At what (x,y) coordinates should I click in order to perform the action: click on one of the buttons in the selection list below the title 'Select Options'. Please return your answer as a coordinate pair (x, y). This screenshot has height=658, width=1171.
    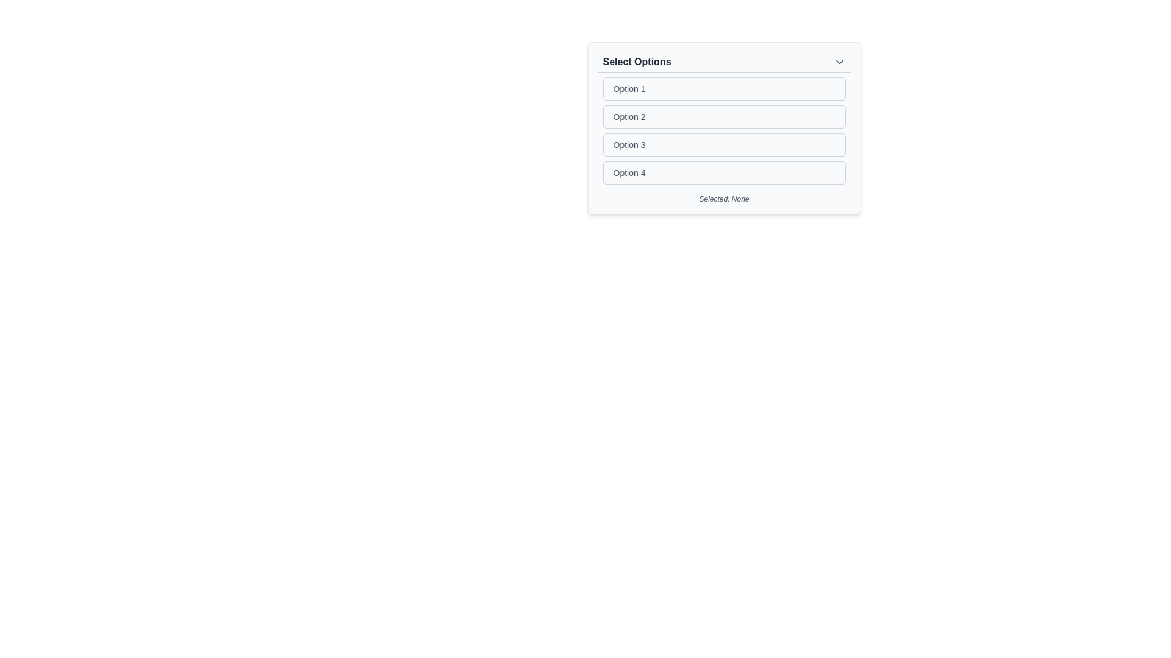
    Looking at the image, I should click on (724, 131).